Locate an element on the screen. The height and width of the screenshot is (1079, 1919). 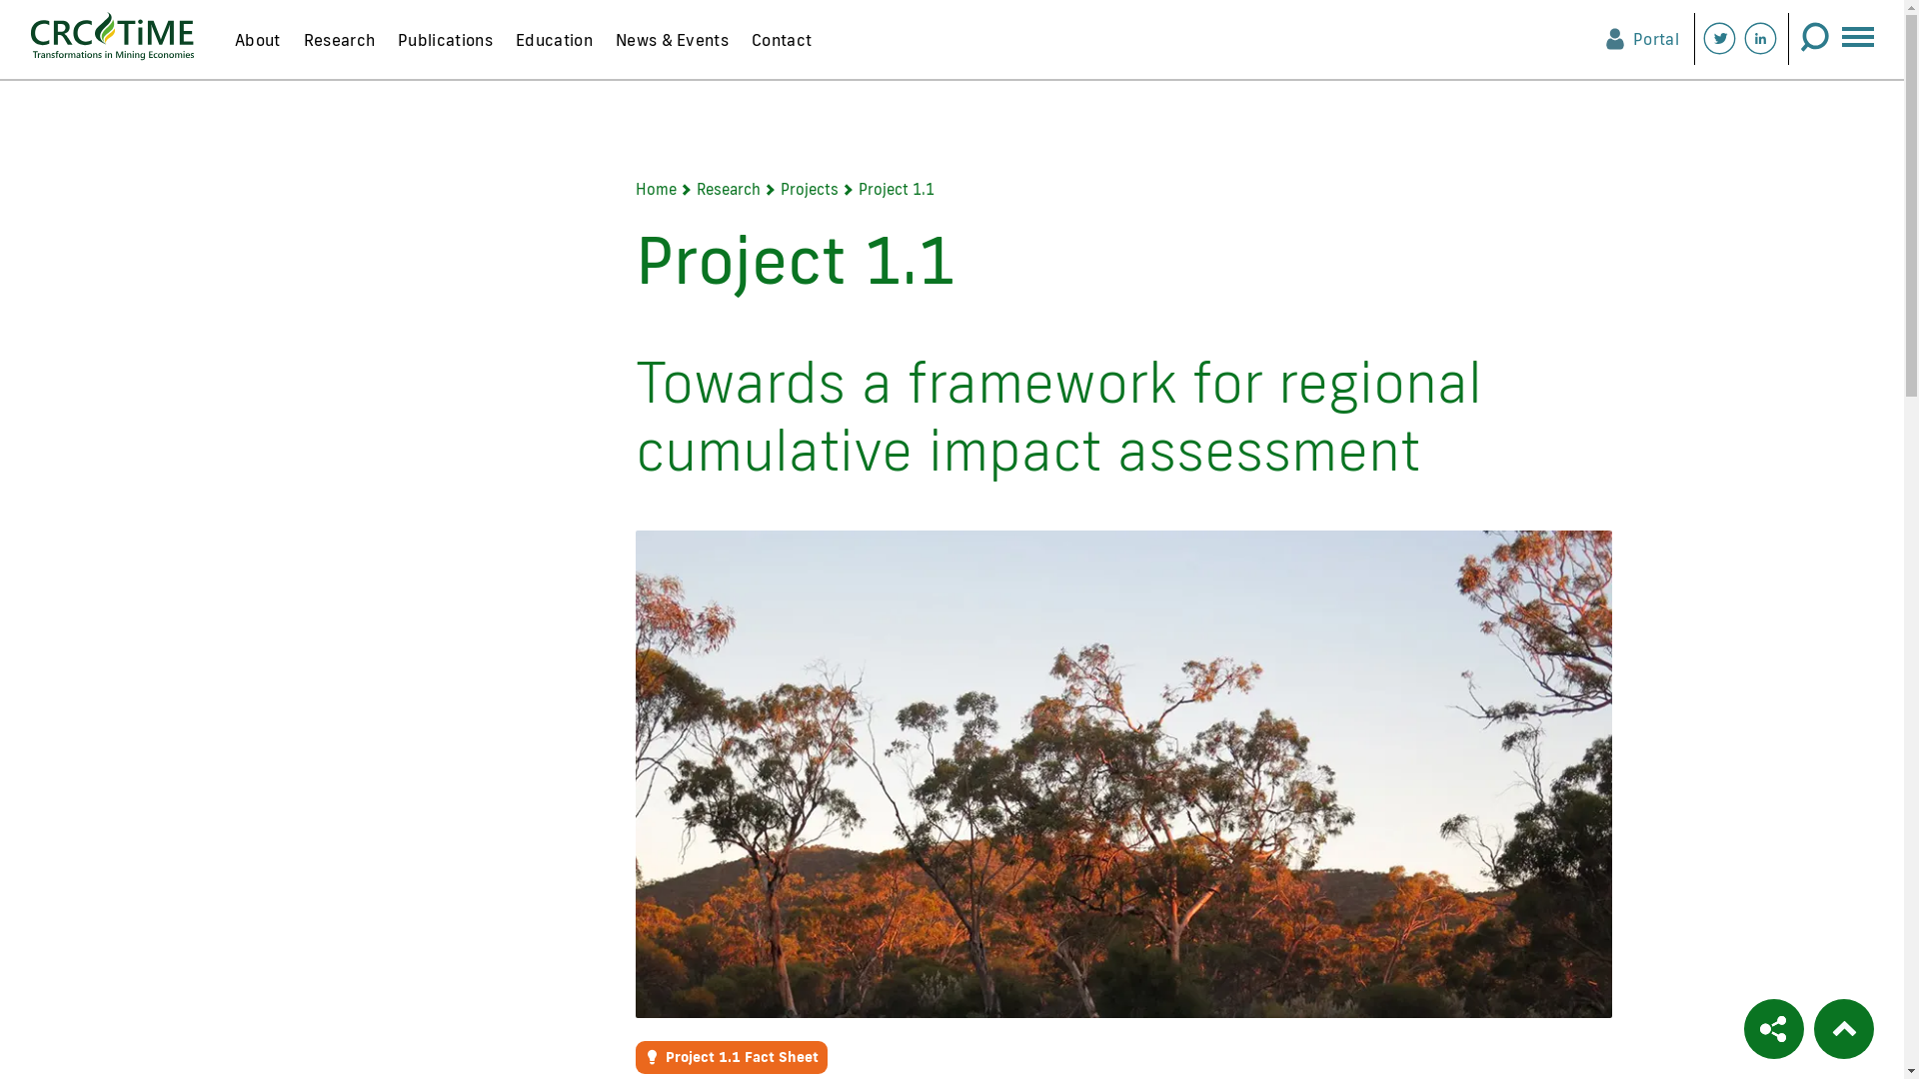
'Menu' is located at coordinates (1856, 31).